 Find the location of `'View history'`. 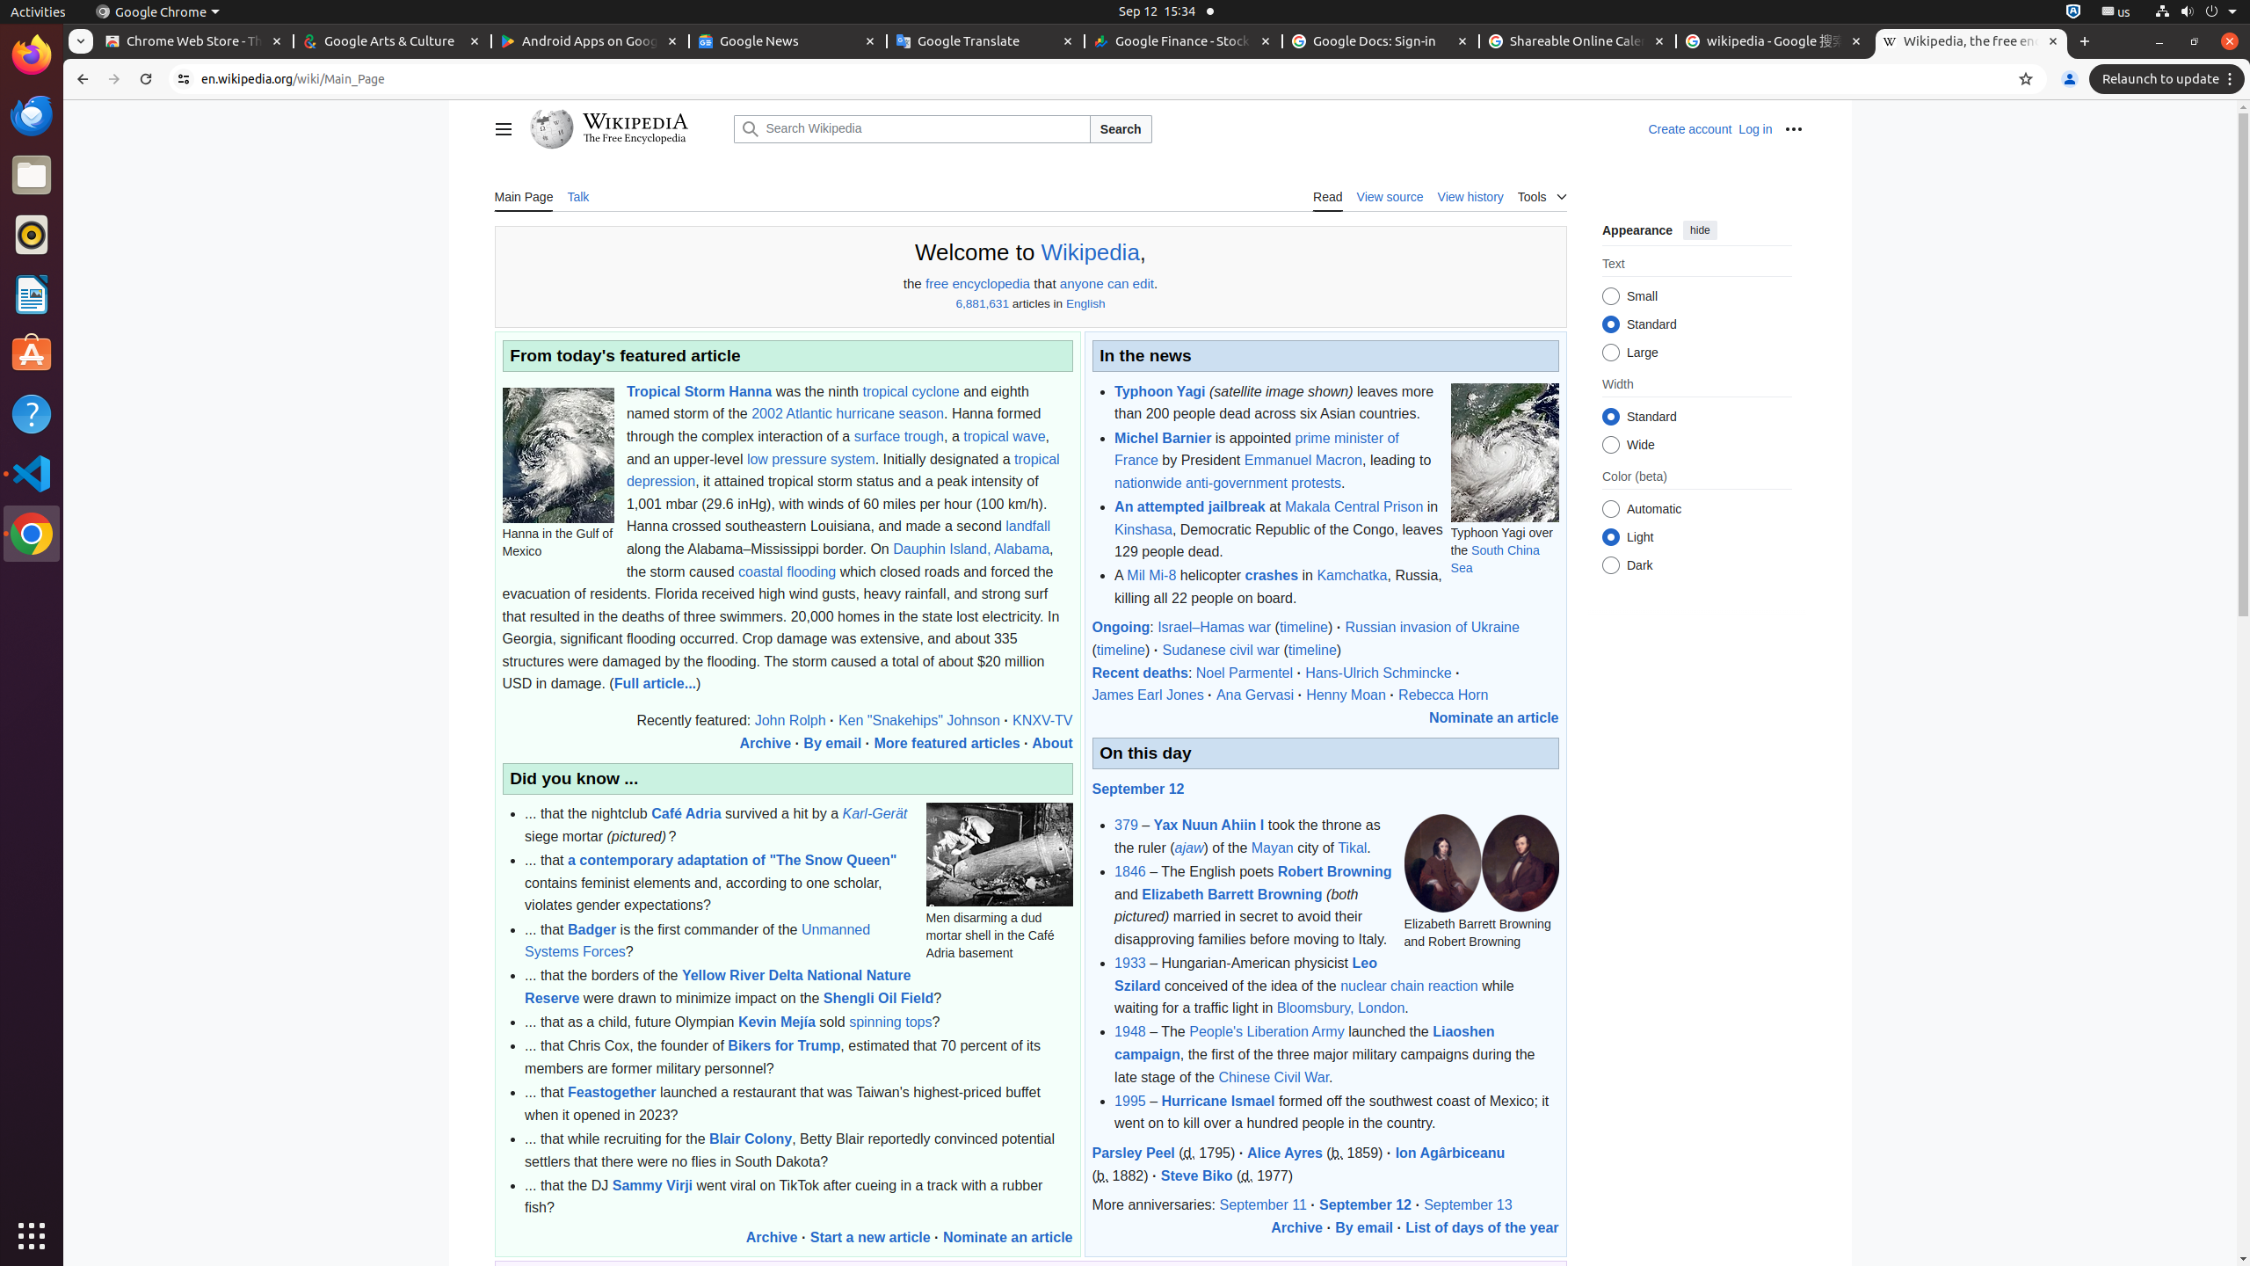

'View history' is located at coordinates (1469, 195).